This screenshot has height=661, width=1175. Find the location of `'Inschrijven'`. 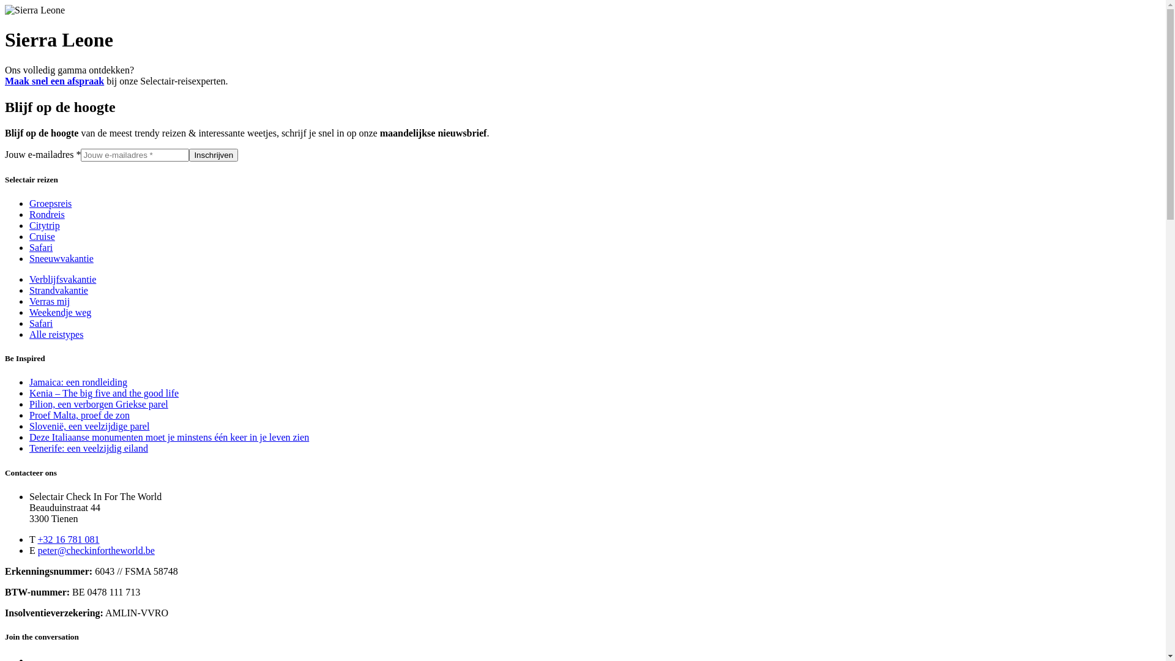

'Inschrijven' is located at coordinates (214, 154).